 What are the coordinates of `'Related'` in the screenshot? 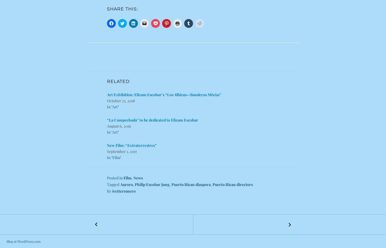 It's located at (118, 81).